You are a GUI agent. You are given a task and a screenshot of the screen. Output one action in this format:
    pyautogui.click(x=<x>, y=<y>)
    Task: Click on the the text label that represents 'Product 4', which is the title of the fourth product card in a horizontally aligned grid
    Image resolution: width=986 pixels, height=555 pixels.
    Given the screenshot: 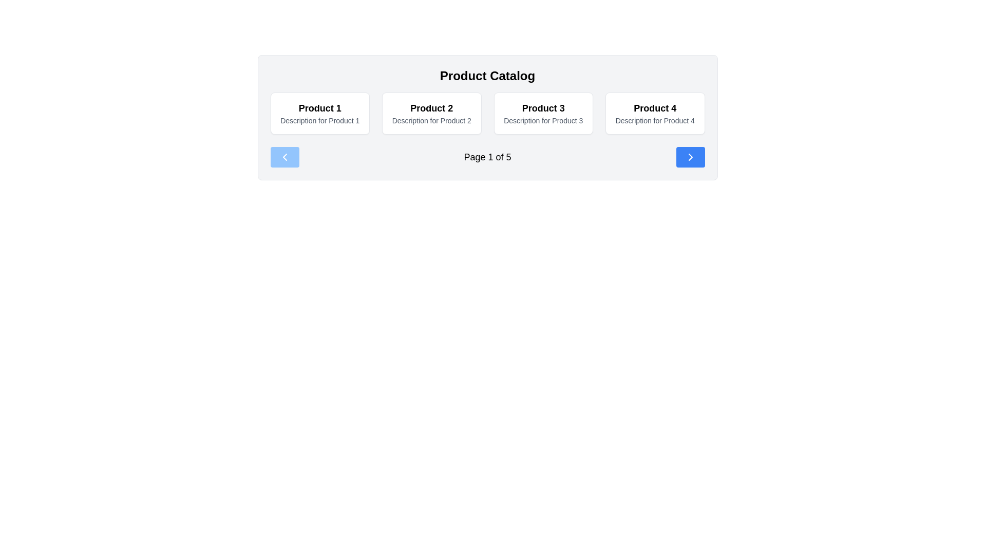 What is the action you would take?
    pyautogui.click(x=654, y=108)
    